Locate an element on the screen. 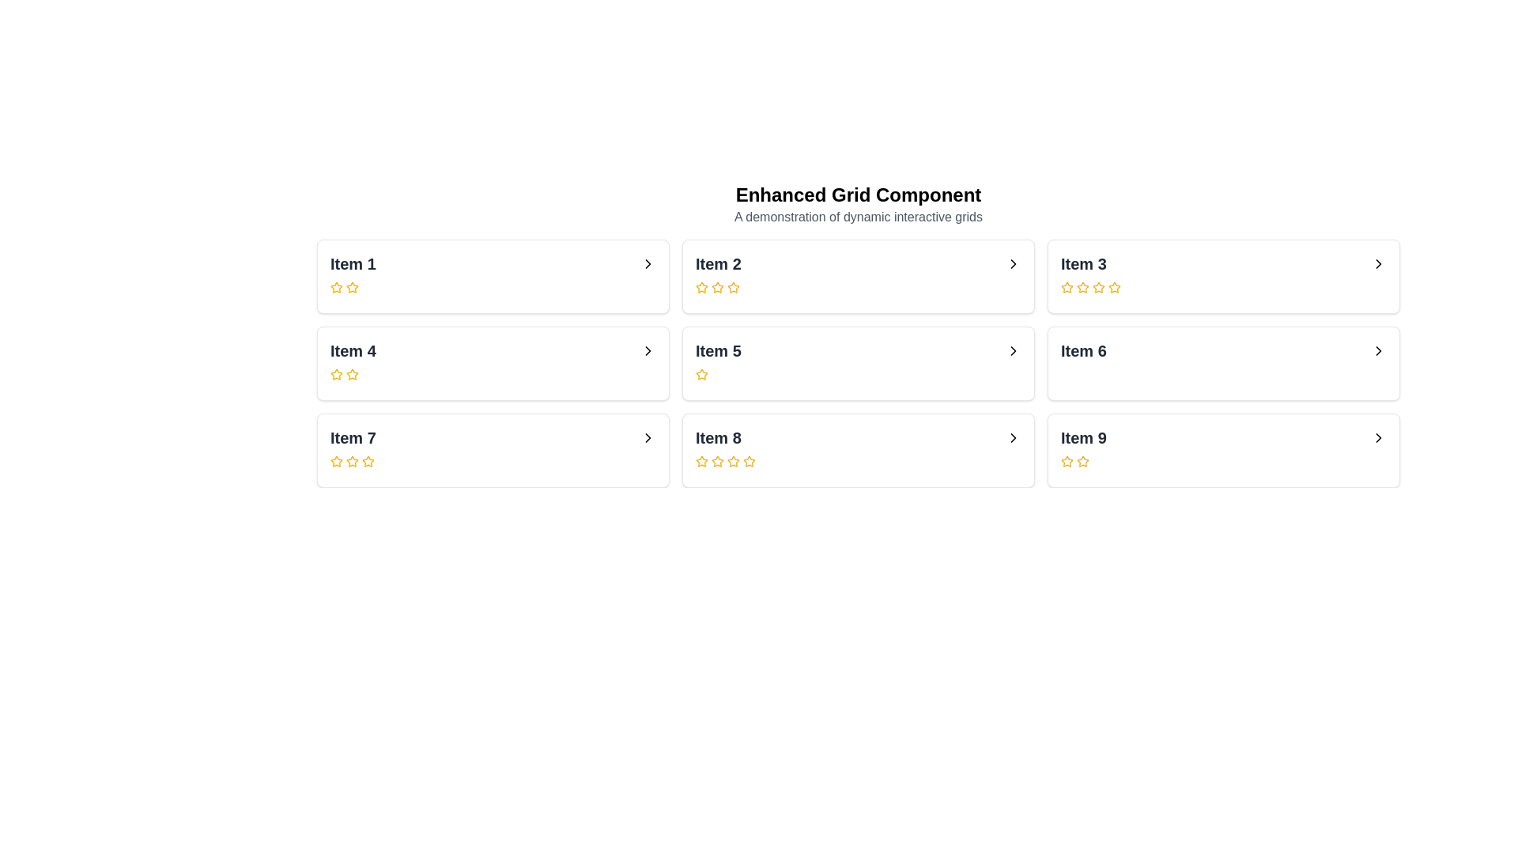 The image size is (1518, 854). the text label displaying 'Item 6' in bold, large gray font, which is located in the second column and second row of a three-by-three grid layout is located at coordinates (1082, 350).